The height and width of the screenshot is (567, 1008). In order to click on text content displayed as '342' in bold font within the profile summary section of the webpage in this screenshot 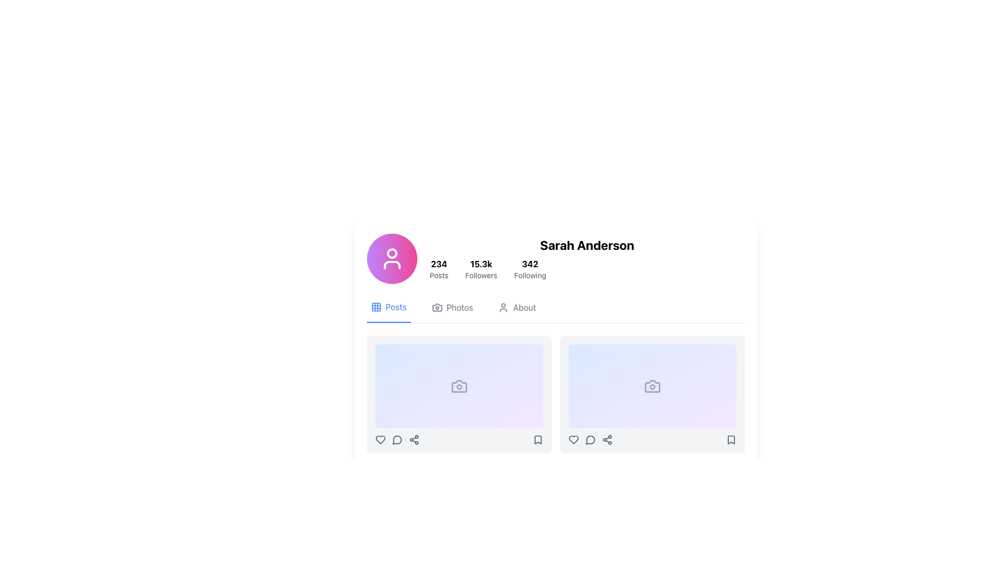, I will do `click(530, 263)`.